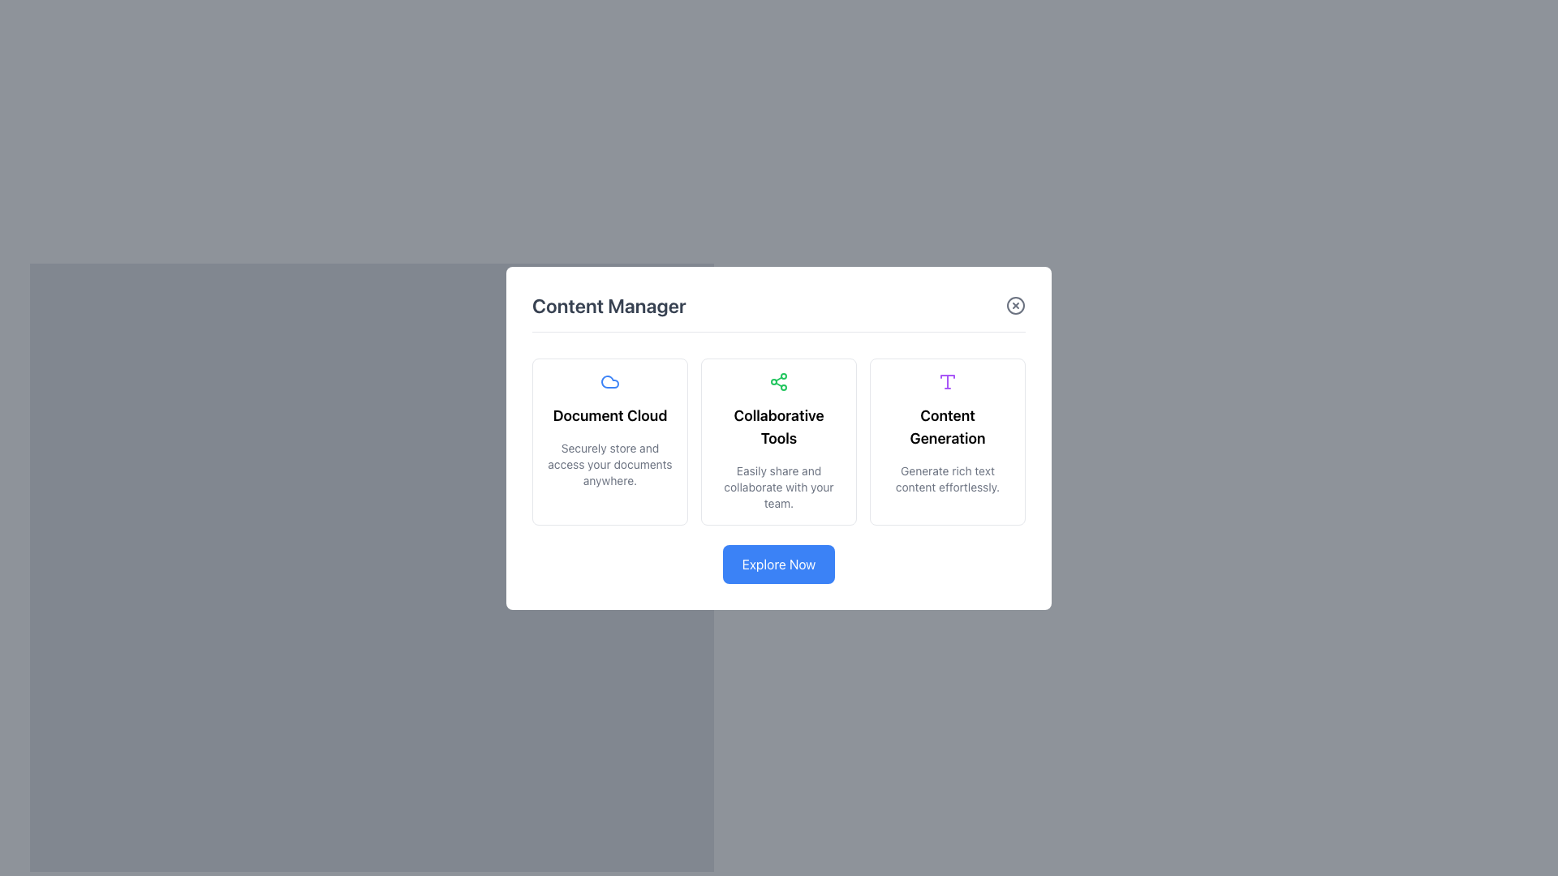 The width and height of the screenshot is (1558, 876). Describe the element at coordinates (609, 381) in the screenshot. I see `the cloud icon representing the 'Document Cloud' card, which is the first card in a horizontal arrangement of three cards` at that location.